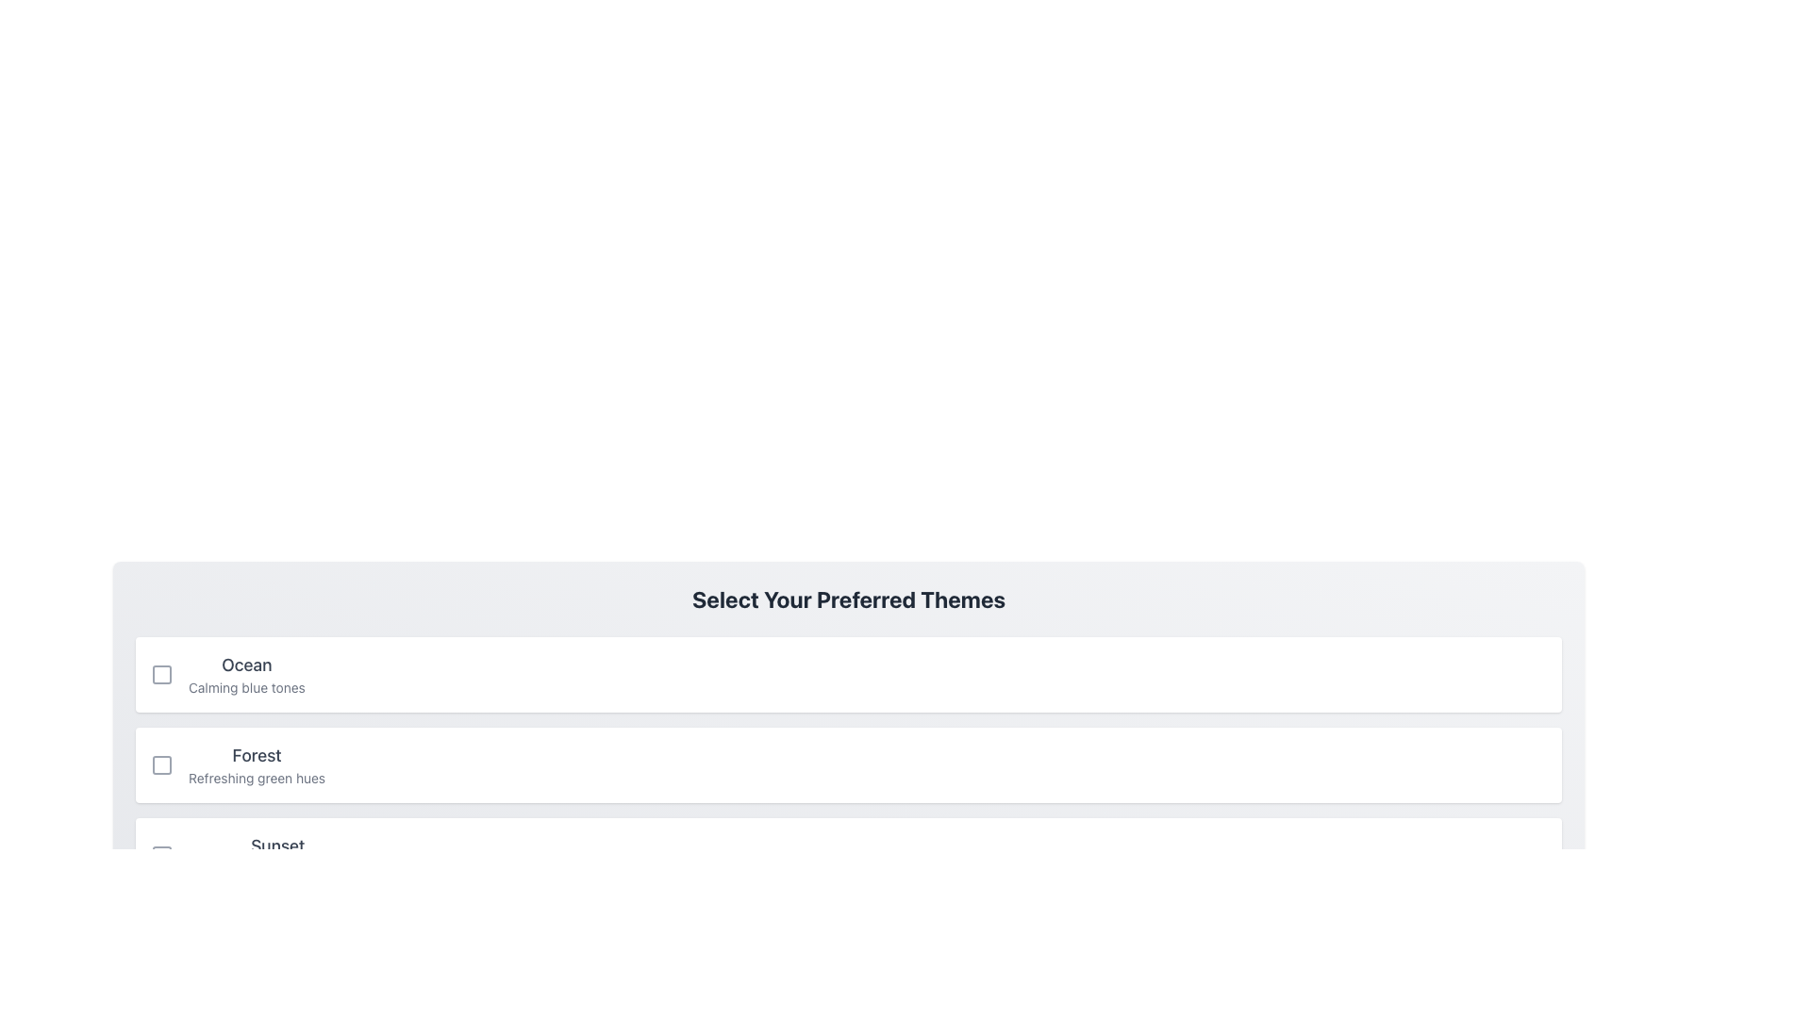  Describe the element at coordinates (162, 765) in the screenshot. I see `the checkbox located to the left of the 'Forest' and 'Refreshing green hues' text` at that location.